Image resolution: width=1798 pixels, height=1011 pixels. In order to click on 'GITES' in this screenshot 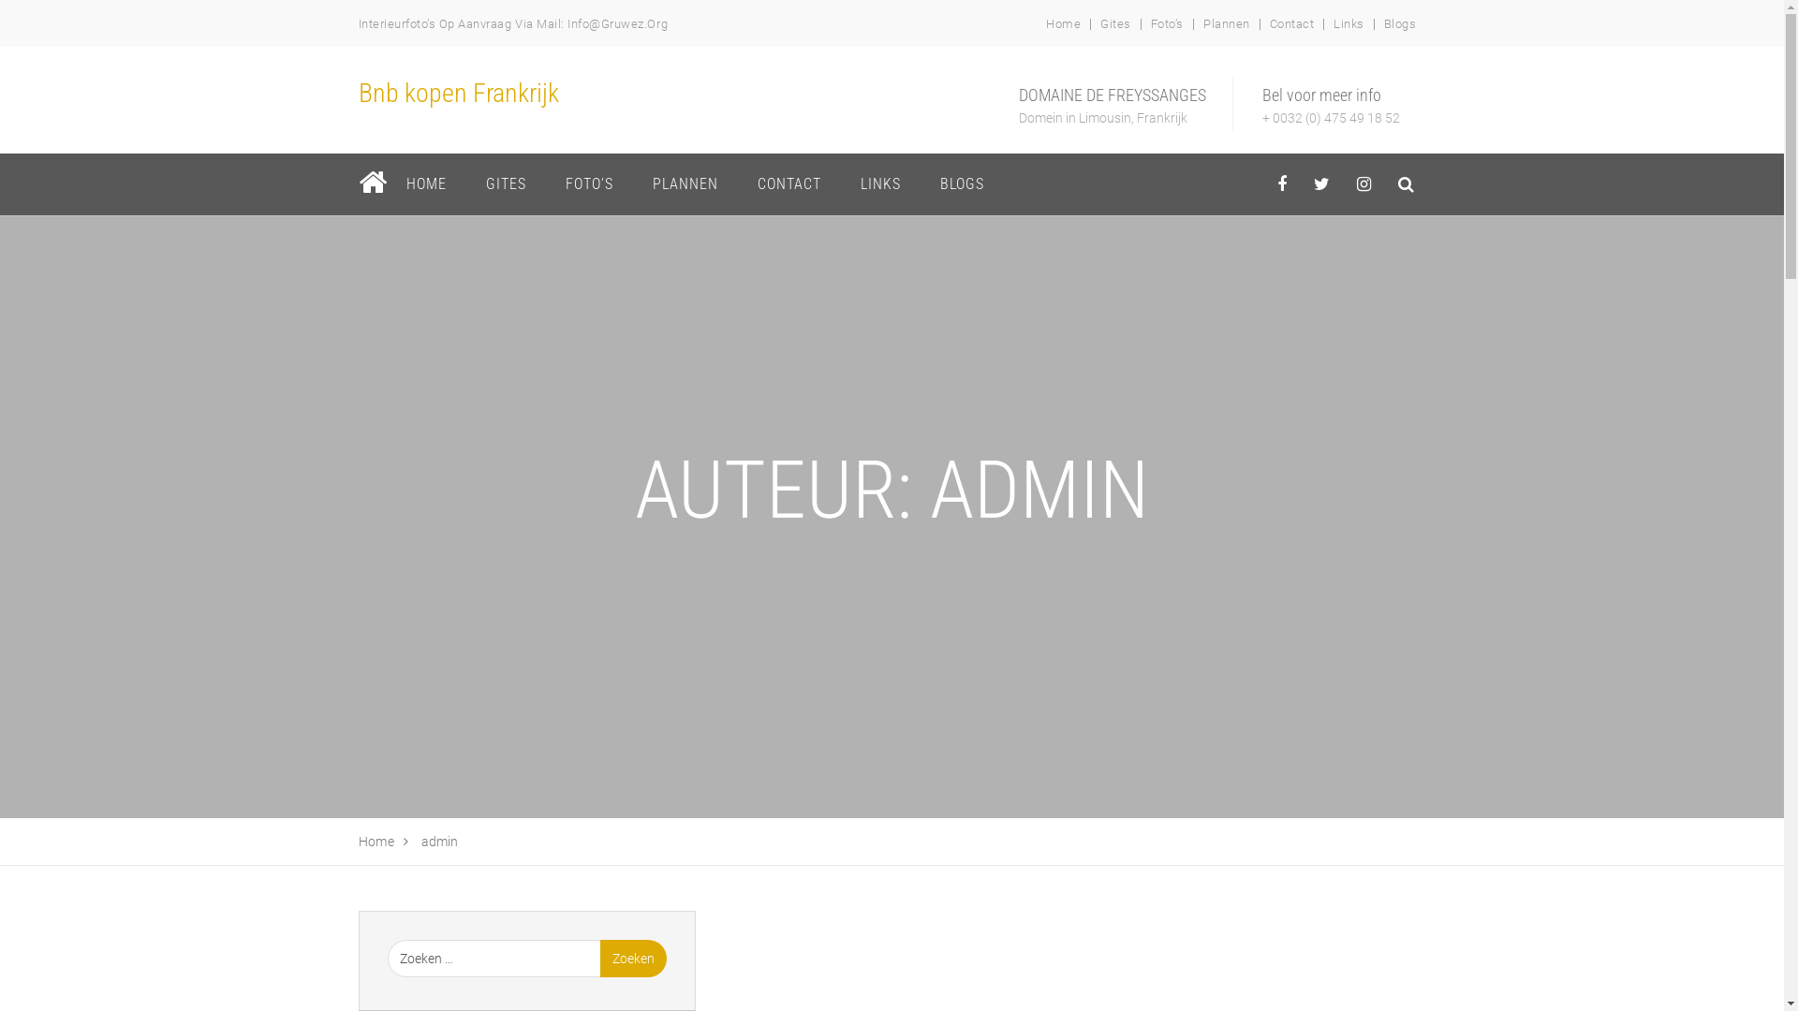, I will do `click(506, 183)`.